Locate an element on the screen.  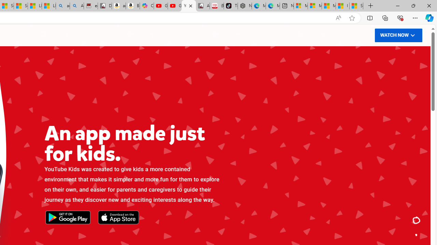
'Get it on Google Play' is located at coordinates (68, 217).